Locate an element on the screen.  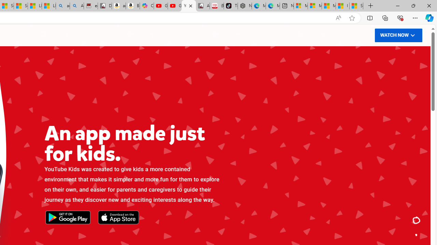
'Get it on Google Play' is located at coordinates (68, 217).